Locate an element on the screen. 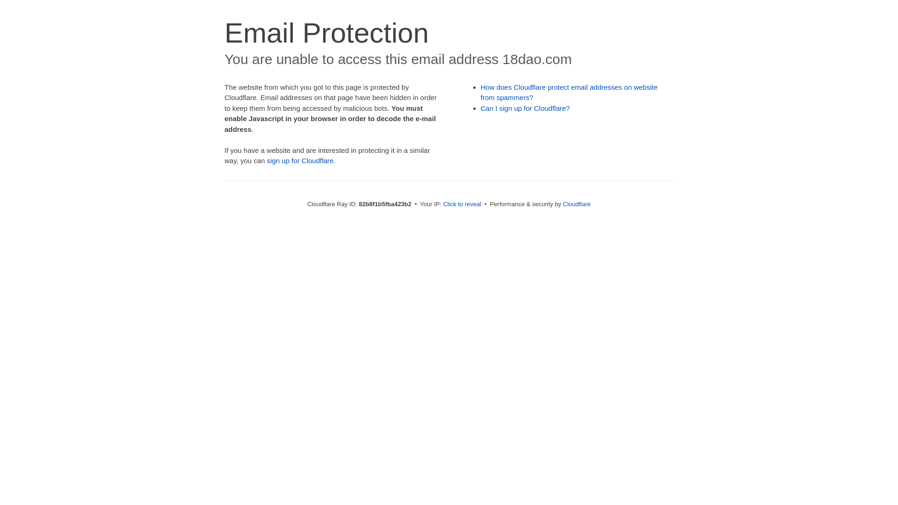 The width and height of the screenshot is (898, 505). 'Cloudflare' is located at coordinates (576, 203).